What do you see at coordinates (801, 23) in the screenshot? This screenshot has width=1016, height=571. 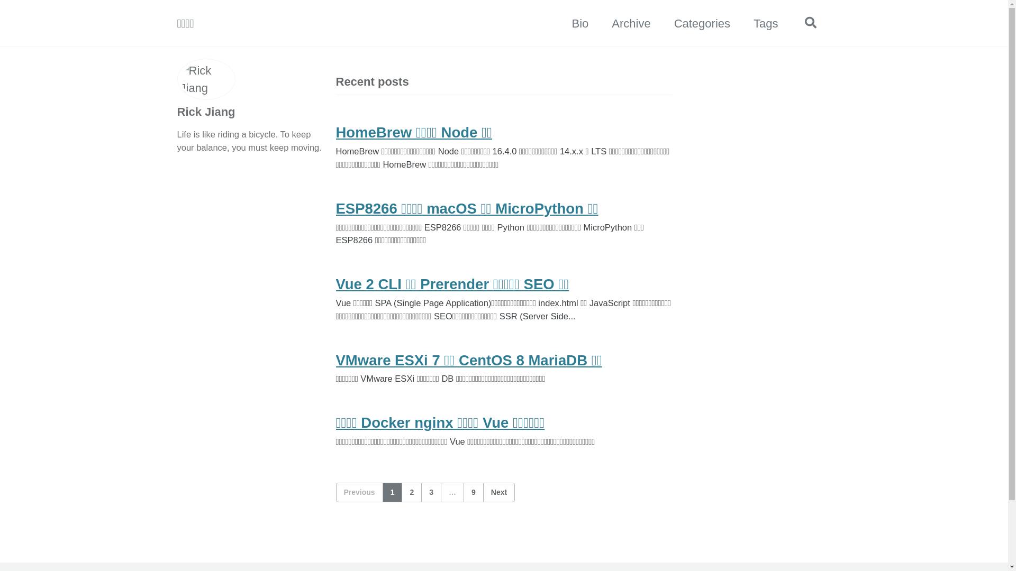 I see `'Toggle search'` at bounding box center [801, 23].